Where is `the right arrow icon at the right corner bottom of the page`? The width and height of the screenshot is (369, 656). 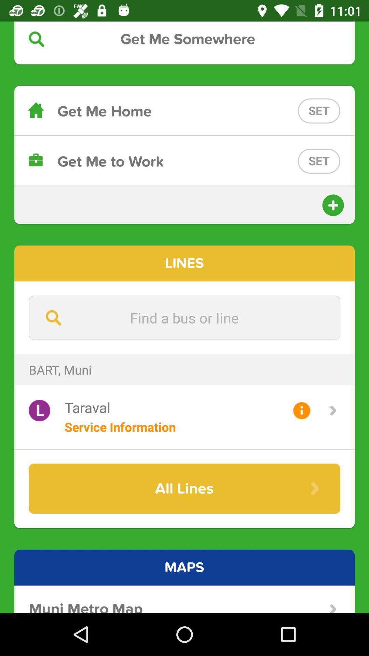
the right arrow icon at the right corner bottom of the page is located at coordinates (333, 609).